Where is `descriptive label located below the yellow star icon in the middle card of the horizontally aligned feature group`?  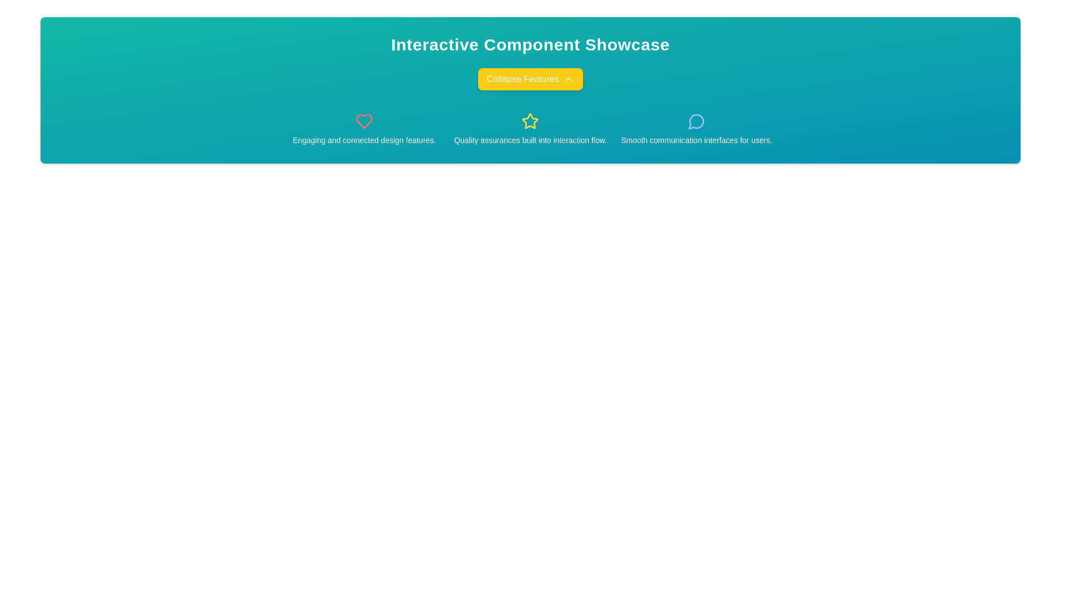 descriptive label located below the yellow star icon in the middle card of the horizontally aligned feature group is located at coordinates (530, 140).